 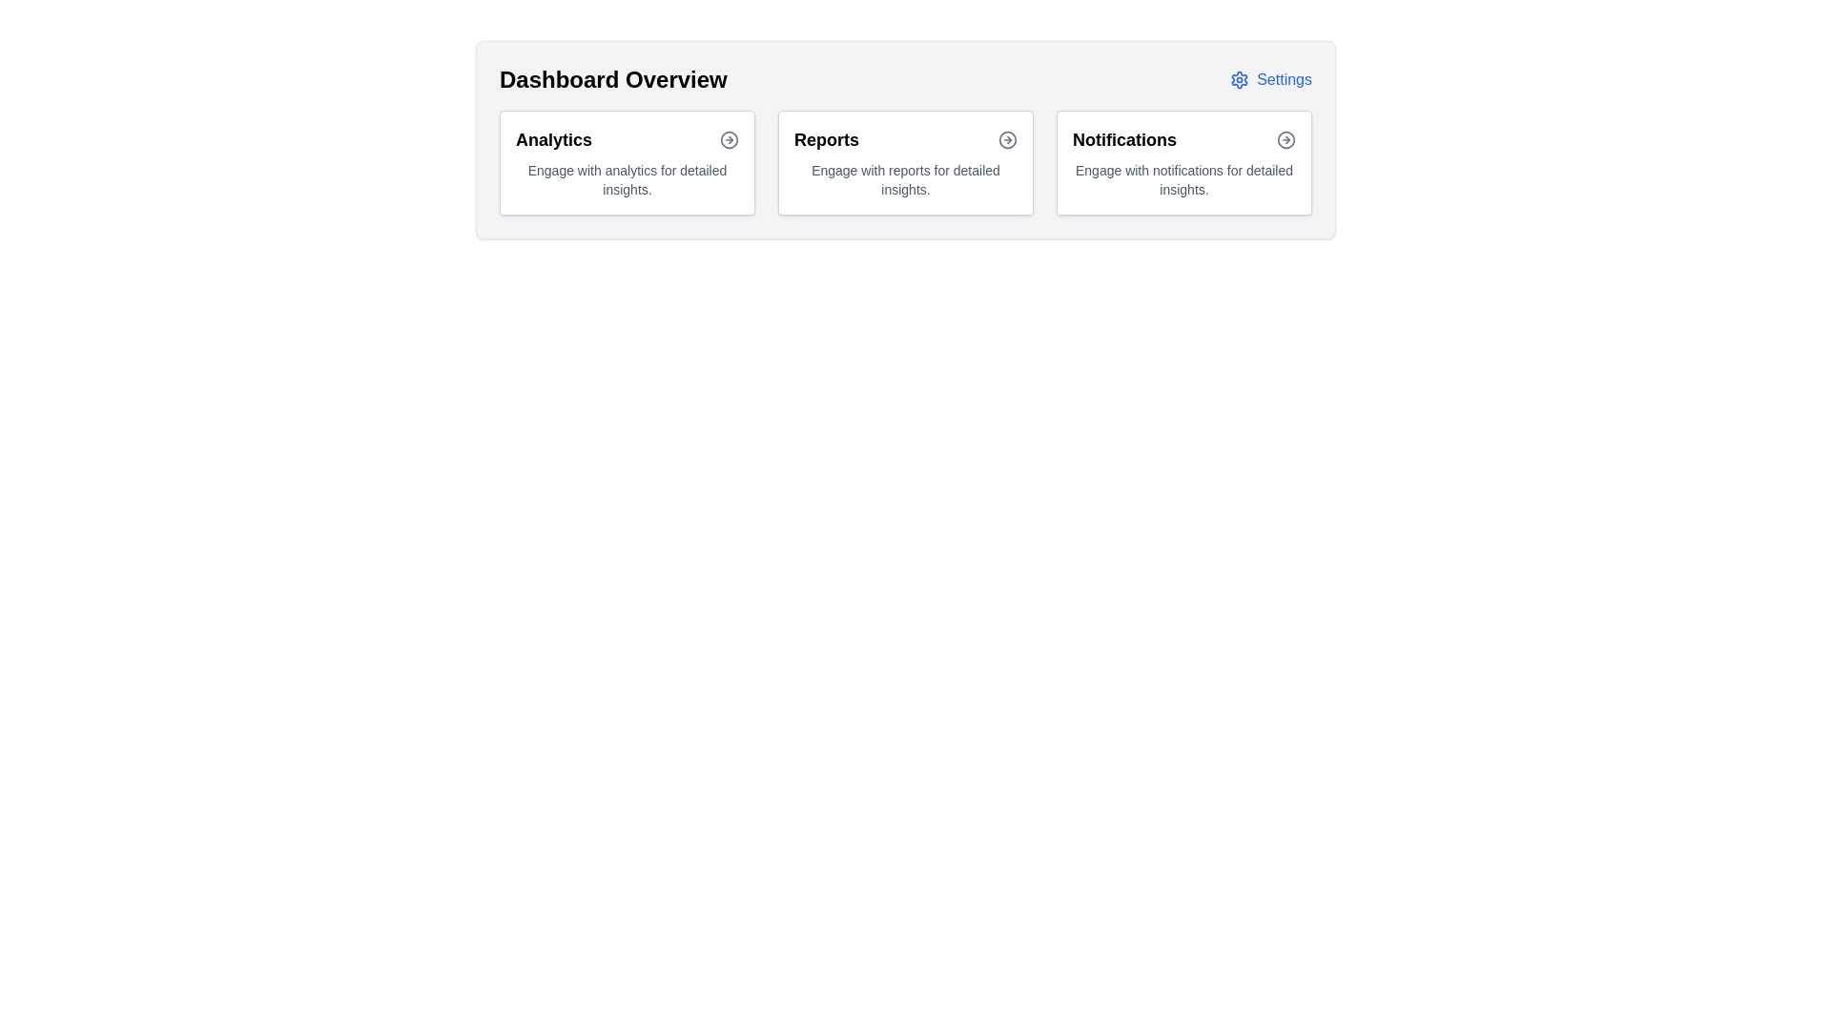 I want to click on the 'Reports' title text, which is styled in a large, bold, and capitalized font, located in the middle card of a horizontal row of three cards, so click(x=827, y=138).